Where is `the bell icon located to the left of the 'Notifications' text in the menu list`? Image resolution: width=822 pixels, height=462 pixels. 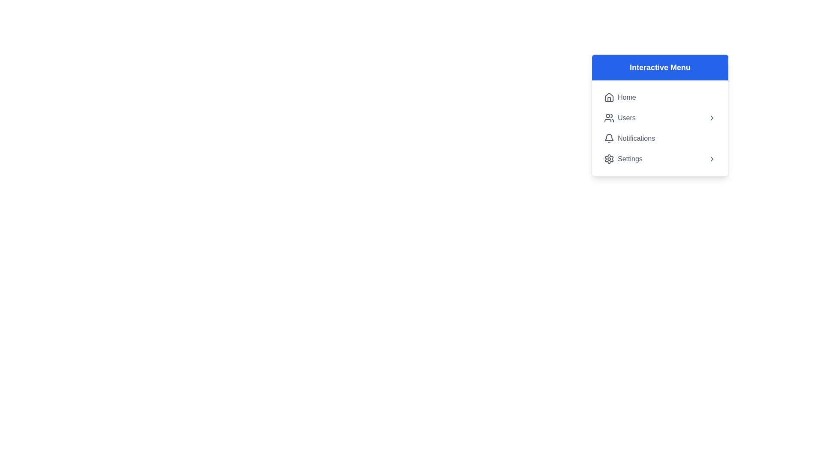
the bell icon located to the left of the 'Notifications' text in the menu list is located at coordinates (608, 138).